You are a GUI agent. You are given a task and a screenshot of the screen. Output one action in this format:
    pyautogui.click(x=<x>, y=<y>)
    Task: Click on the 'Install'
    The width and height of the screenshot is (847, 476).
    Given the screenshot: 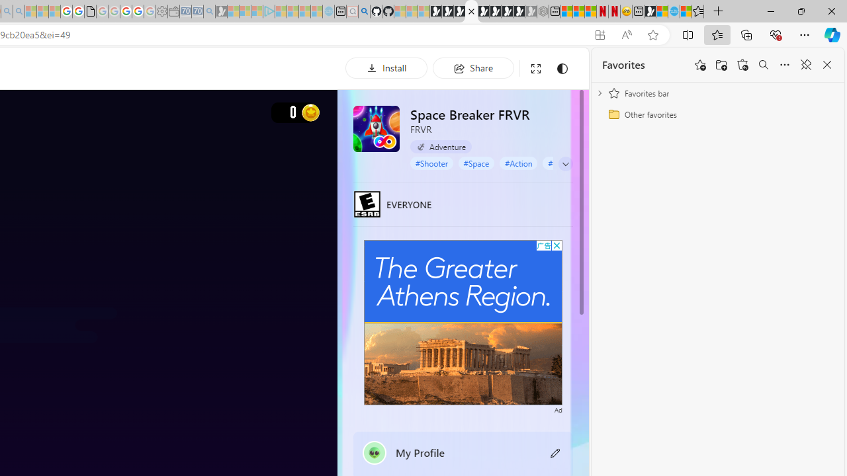 What is the action you would take?
    pyautogui.click(x=386, y=67)
    